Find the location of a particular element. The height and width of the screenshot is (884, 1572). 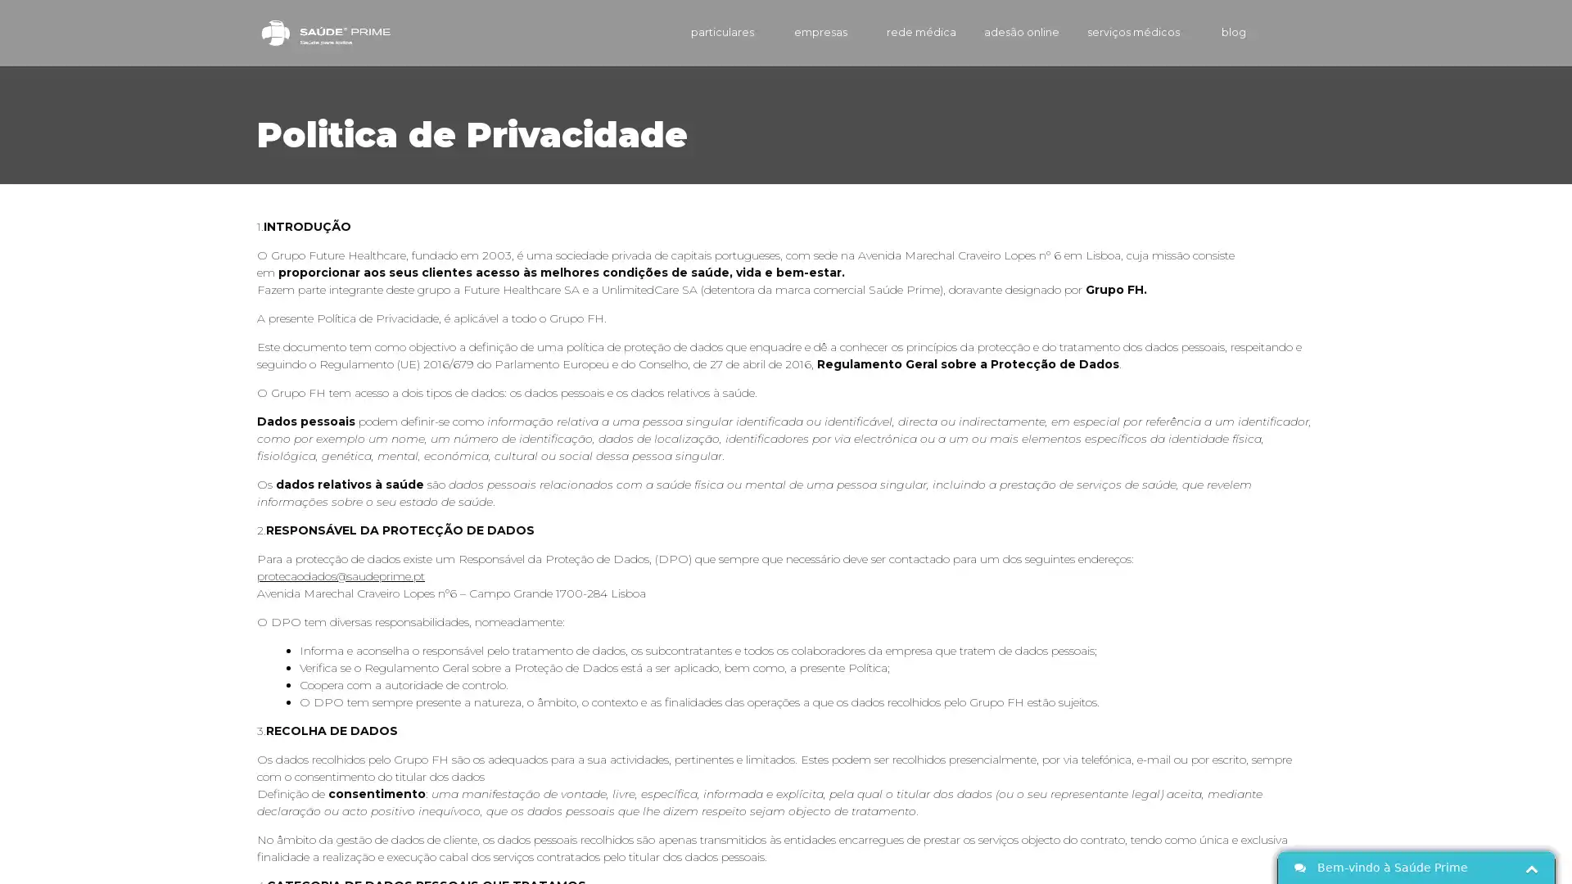

Areas Privadas is located at coordinates (1292, 32).